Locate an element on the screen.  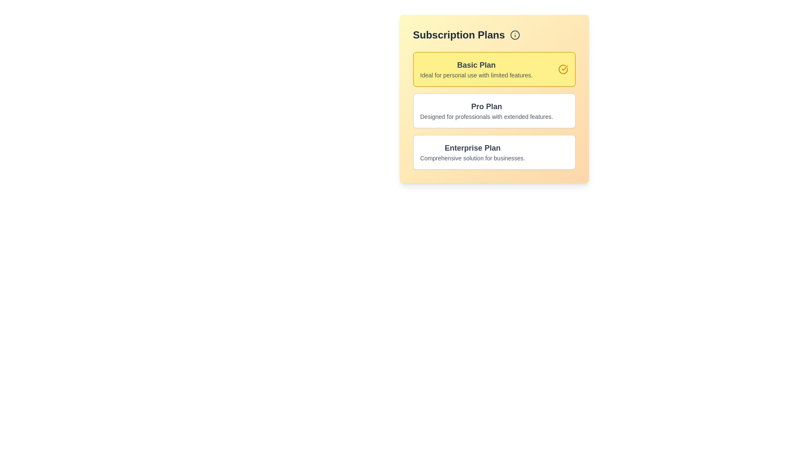
the 'Enterprise Plan' selectable card, which is the third card in the vertical list of subscription plans, positioned below the 'Pro Plan' card is located at coordinates (494, 151).